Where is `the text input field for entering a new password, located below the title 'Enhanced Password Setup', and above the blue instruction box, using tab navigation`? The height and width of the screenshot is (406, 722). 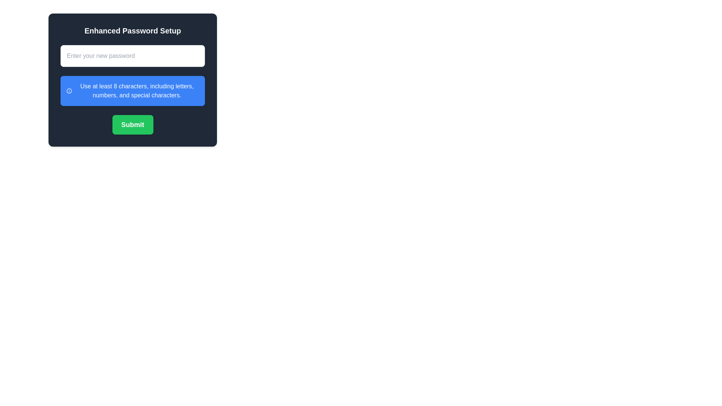 the text input field for entering a new password, located below the title 'Enhanced Password Setup', and above the blue instruction box, using tab navigation is located at coordinates (133, 56).